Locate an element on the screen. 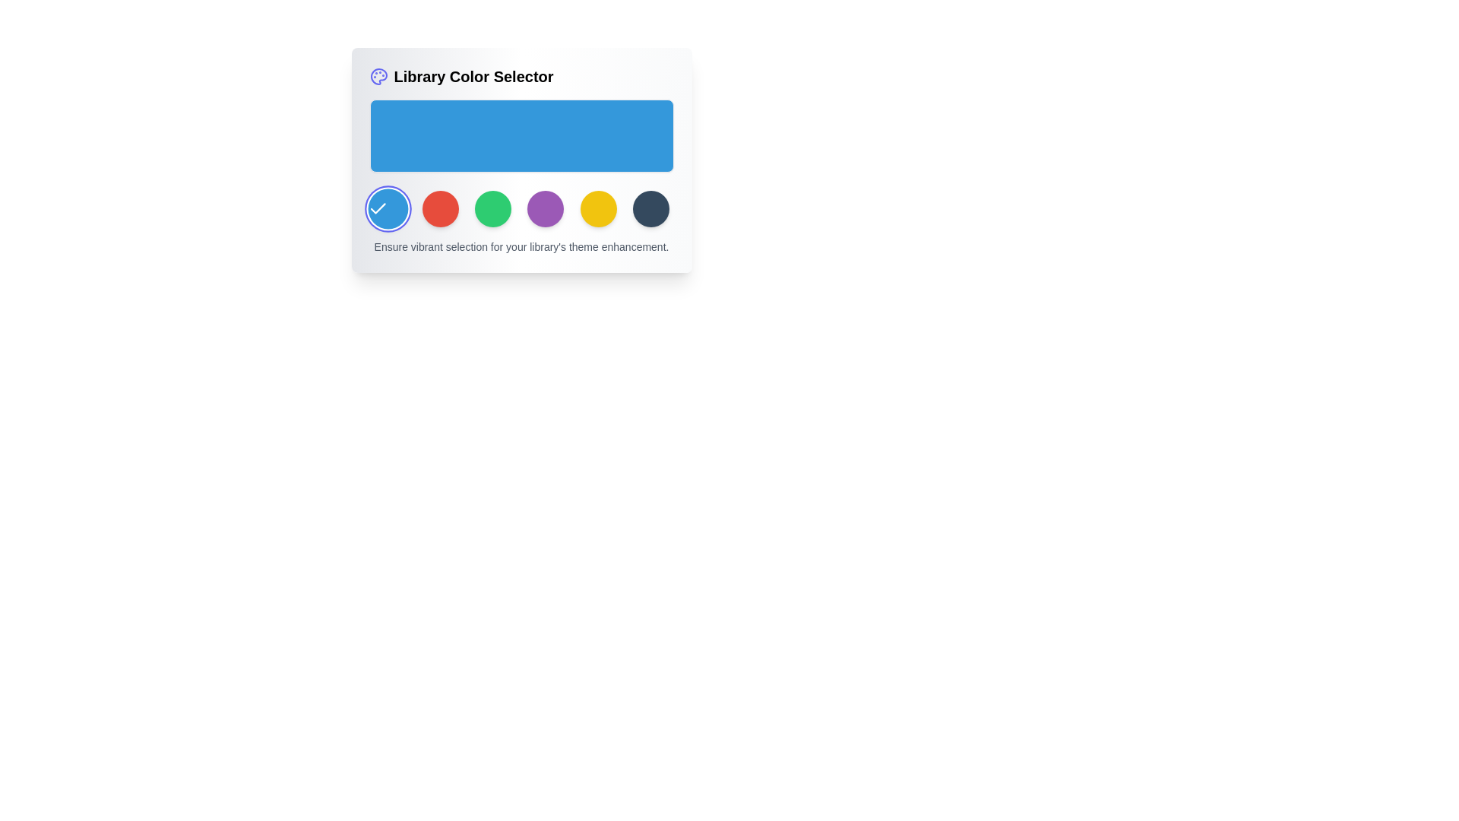 This screenshot has width=1459, height=821. the purple circular button, the fifth item in the horizontal list below the 'Library Color Selector' title is located at coordinates (546, 208).